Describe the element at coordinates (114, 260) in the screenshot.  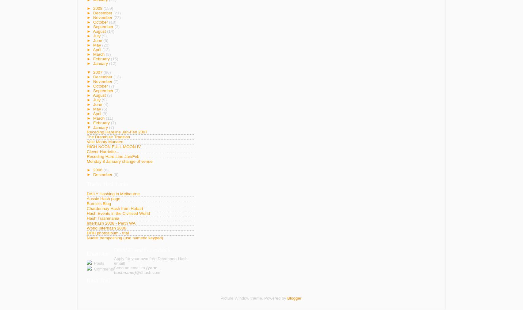
I see `'Apply for your own free Devonport Hash email!'` at that location.